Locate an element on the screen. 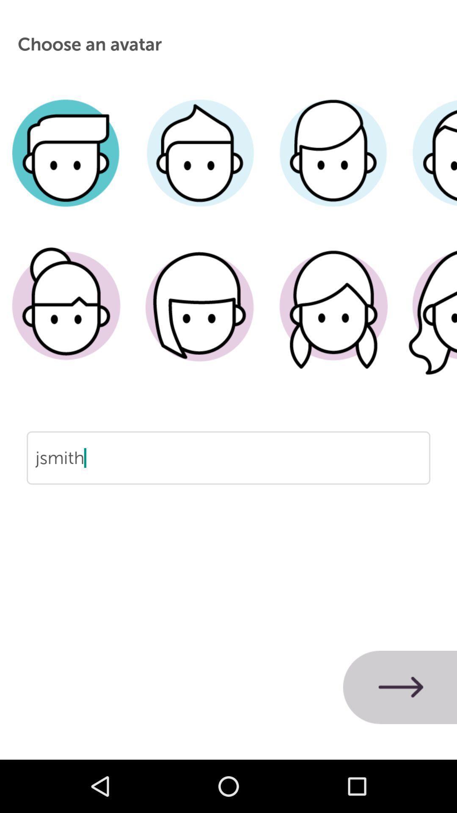 The width and height of the screenshot is (457, 813). male image is located at coordinates (200, 166).